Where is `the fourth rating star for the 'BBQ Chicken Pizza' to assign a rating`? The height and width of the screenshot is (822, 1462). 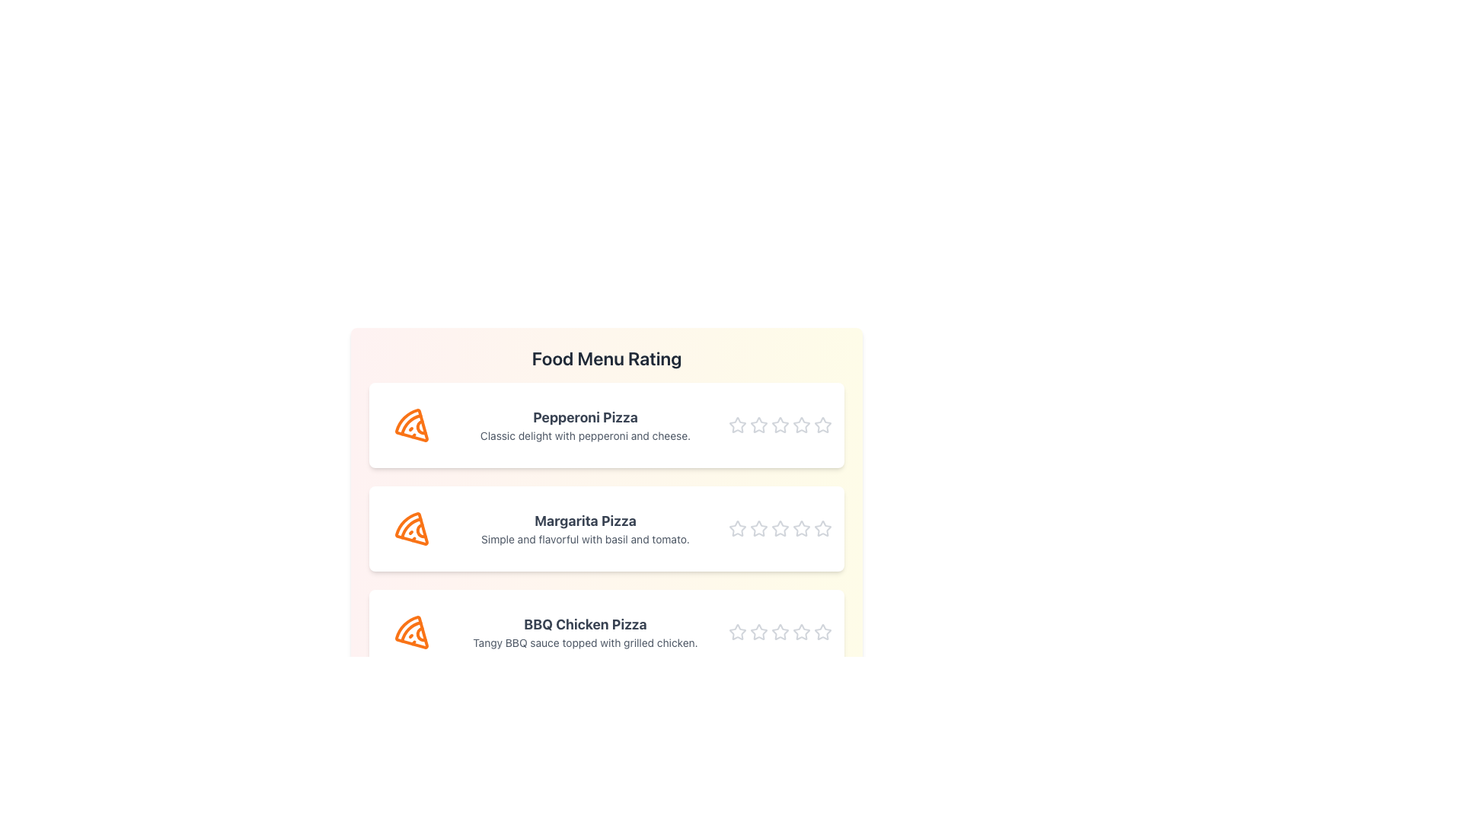
the fourth rating star for the 'BBQ Chicken Pizza' to assign a rating is located at coordinates (800, 632).